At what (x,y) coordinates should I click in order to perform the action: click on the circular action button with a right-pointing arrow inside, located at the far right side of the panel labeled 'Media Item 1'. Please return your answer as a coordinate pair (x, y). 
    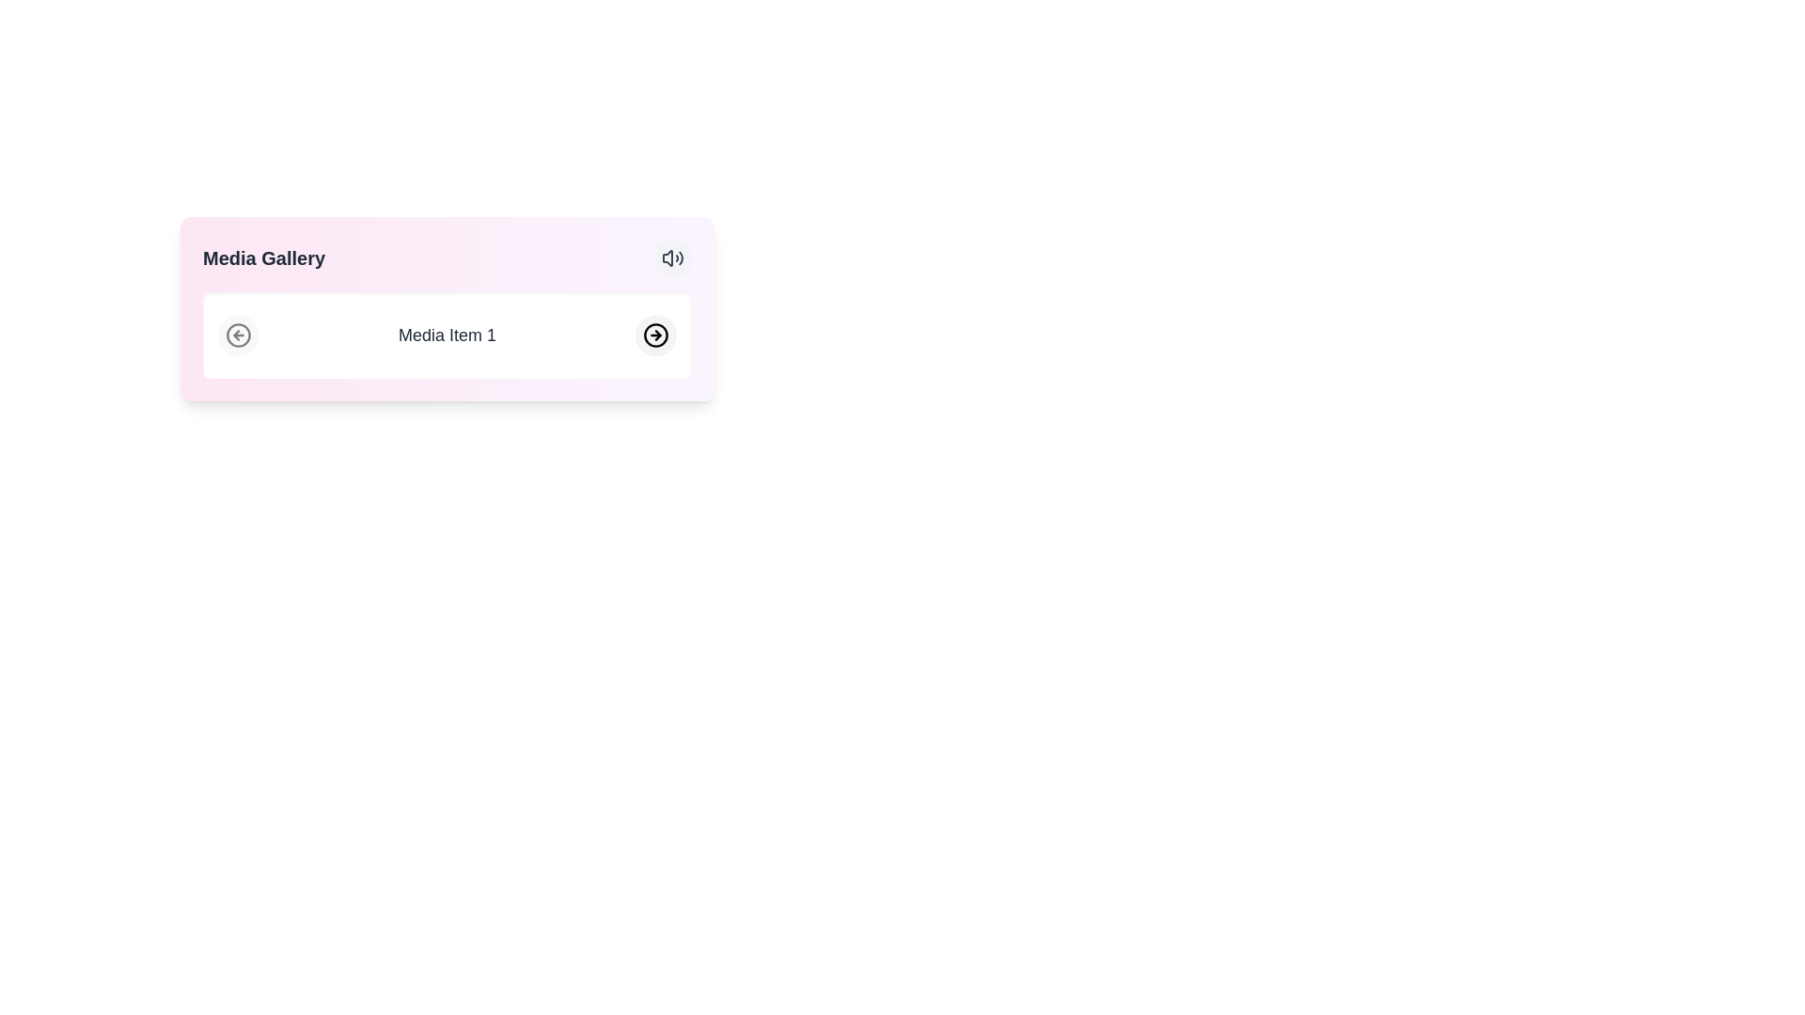
    Looking at the image, I should click on (655, 335).